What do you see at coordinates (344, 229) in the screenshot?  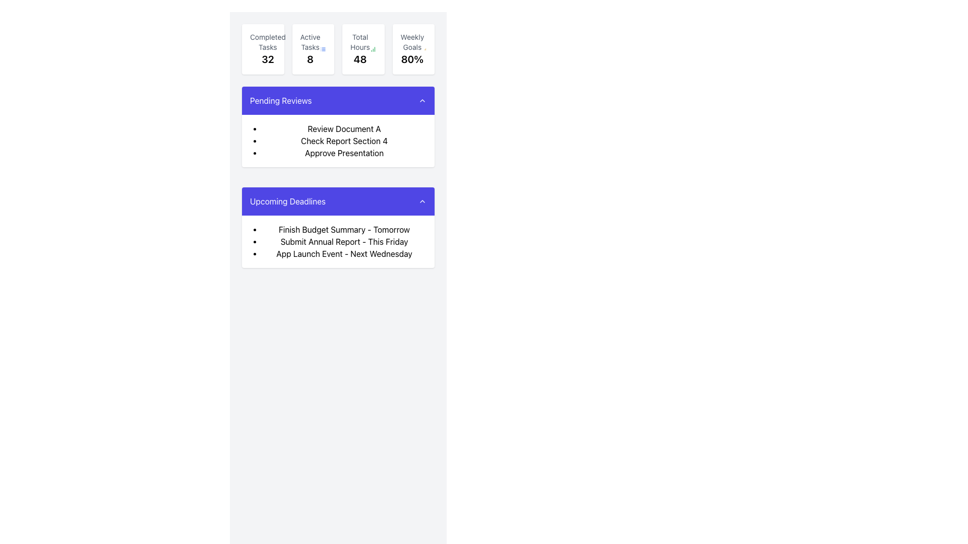 I see `the static text 'Finish Budget Summary - Tomorrow' located in the 'Upcoming Deadlines' section, which is the first item in the bullet-point list under the purple-colored heading bar` at bounding box center [344, 229].